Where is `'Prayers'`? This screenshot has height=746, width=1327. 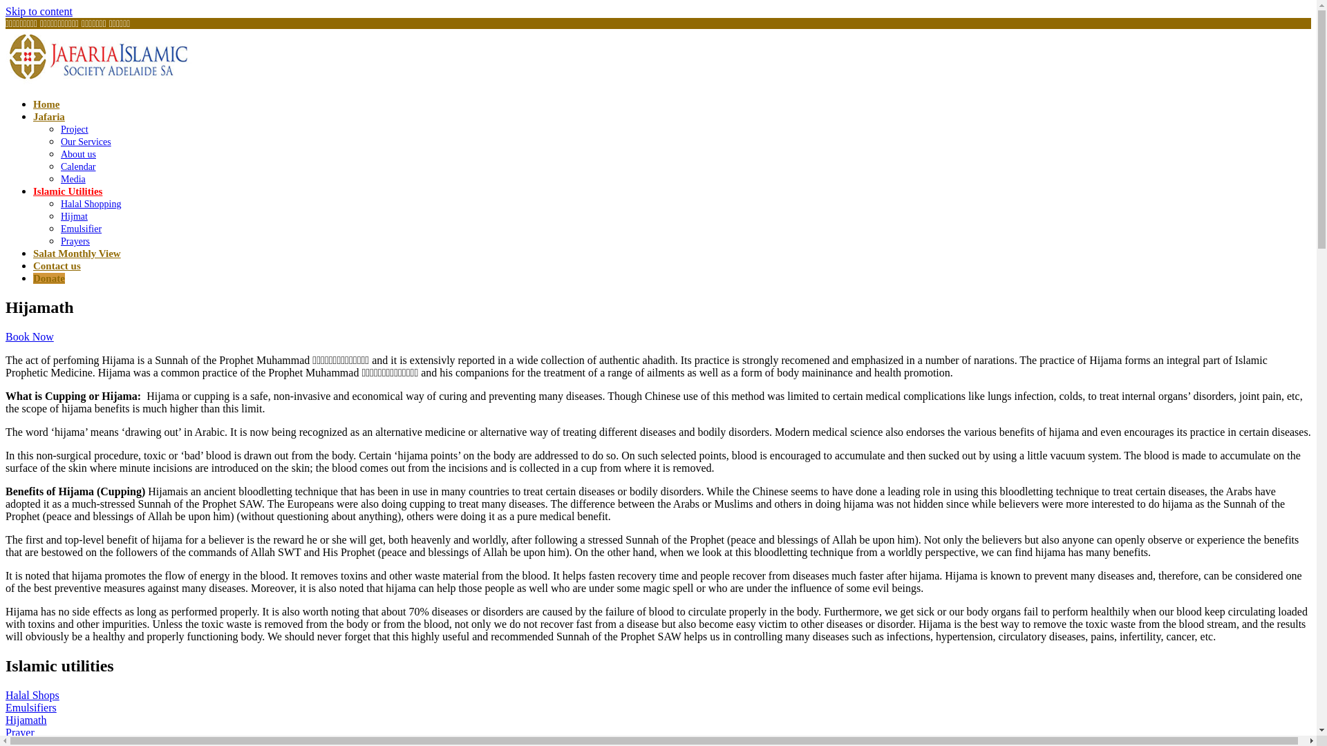 'Prayers' is located at coordinates (75, 240).